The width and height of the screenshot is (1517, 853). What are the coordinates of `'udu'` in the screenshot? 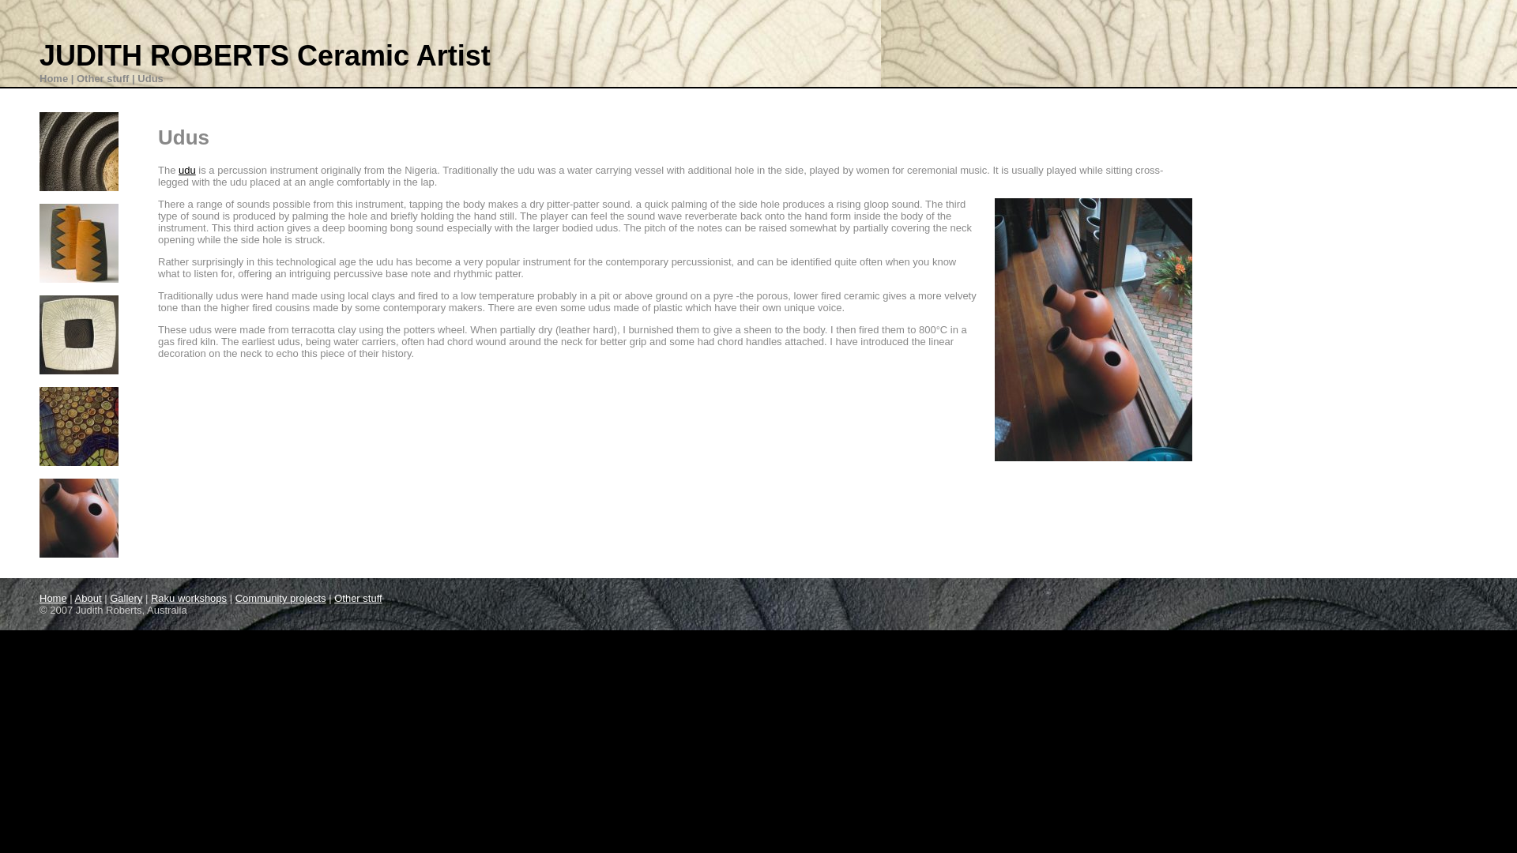 It's located at (186, 170).